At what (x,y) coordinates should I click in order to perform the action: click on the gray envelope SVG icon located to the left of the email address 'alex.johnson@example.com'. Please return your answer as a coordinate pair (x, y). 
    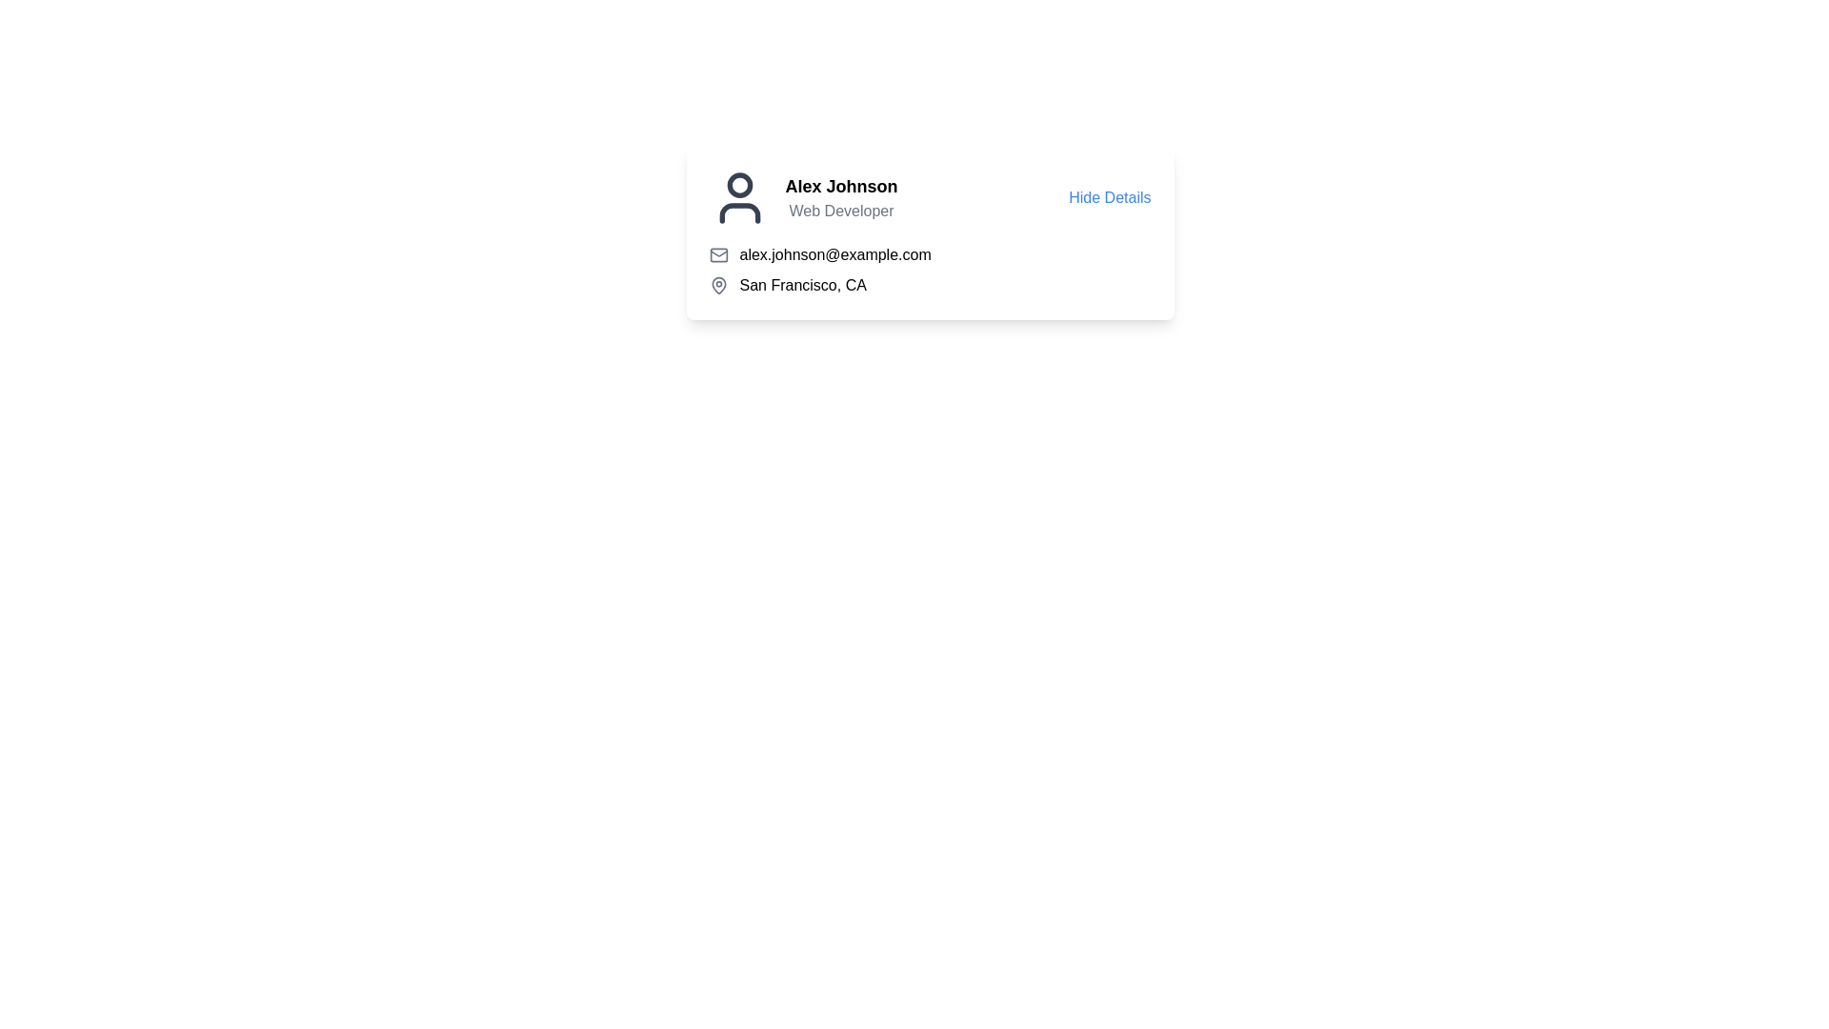
    Looking at the image, I should click on (717, 253).